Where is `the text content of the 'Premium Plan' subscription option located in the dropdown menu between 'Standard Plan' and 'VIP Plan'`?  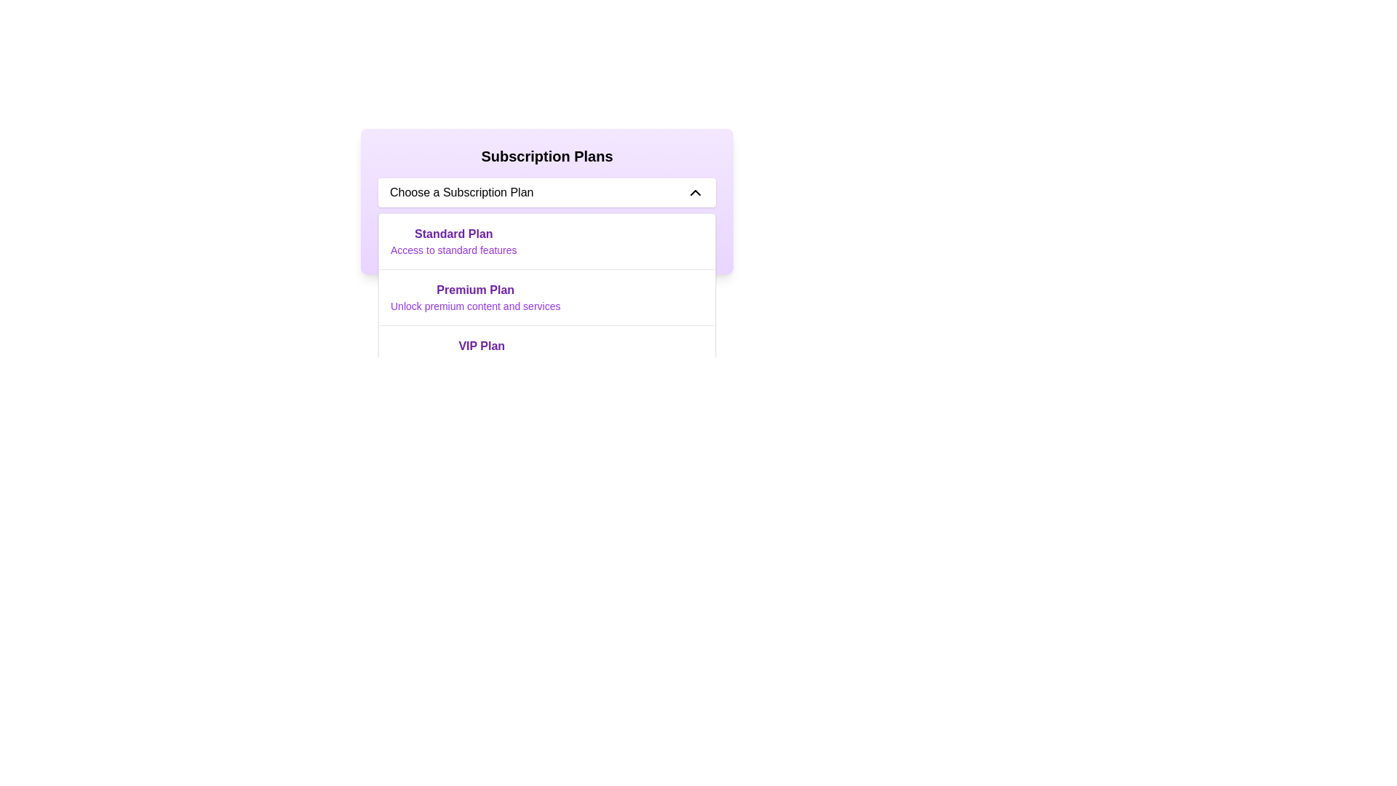 the text content of the 'Premium Plan' subscription option located in the dropdown menu between 'Standard Plan' and 'VIP Plan' is located at coordinates (475, 296).